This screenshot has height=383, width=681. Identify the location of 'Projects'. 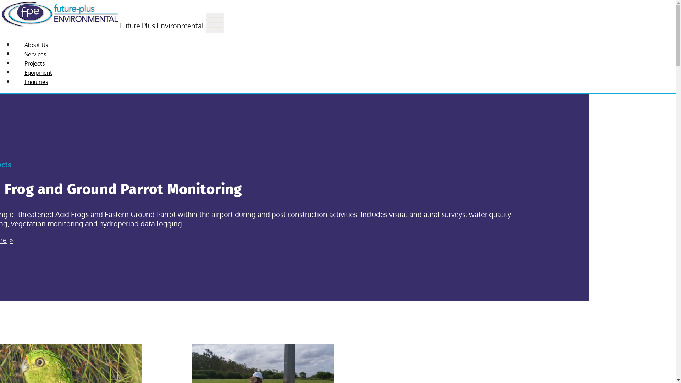
(34, 63).